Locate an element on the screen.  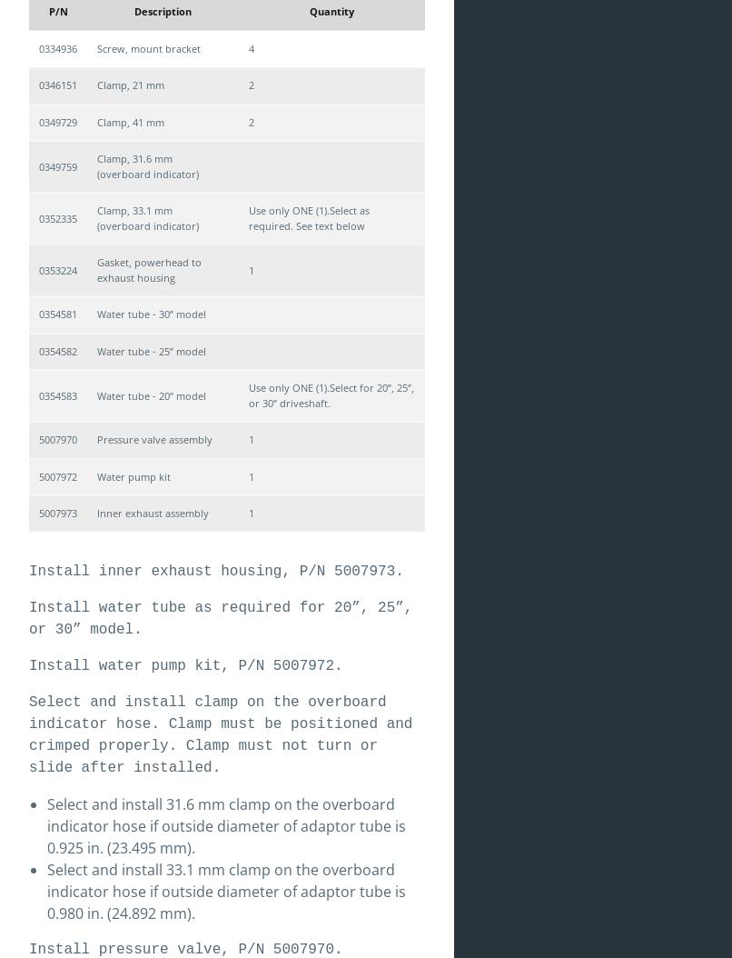
'Water pump kit' is located at coordinates (134, 474).